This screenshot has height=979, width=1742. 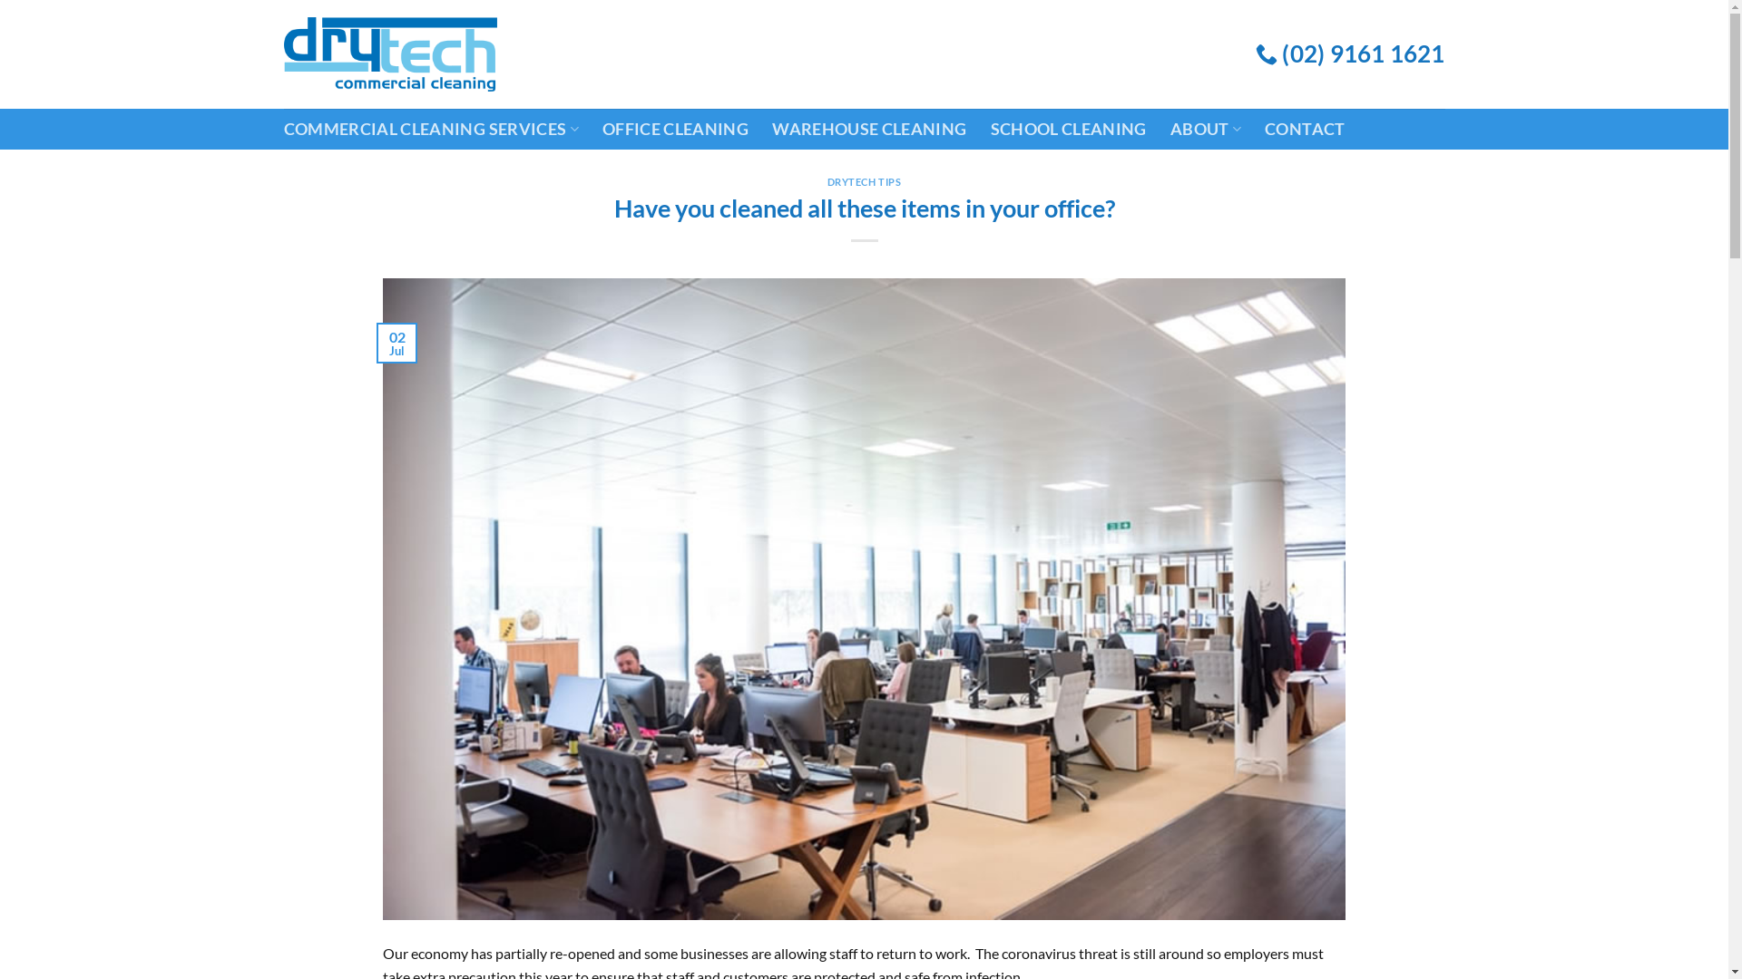 What do you see at coordinates (1206, 128) in the screenshot?
I see `'ABOUT'` at bounding box center [1206, 128].